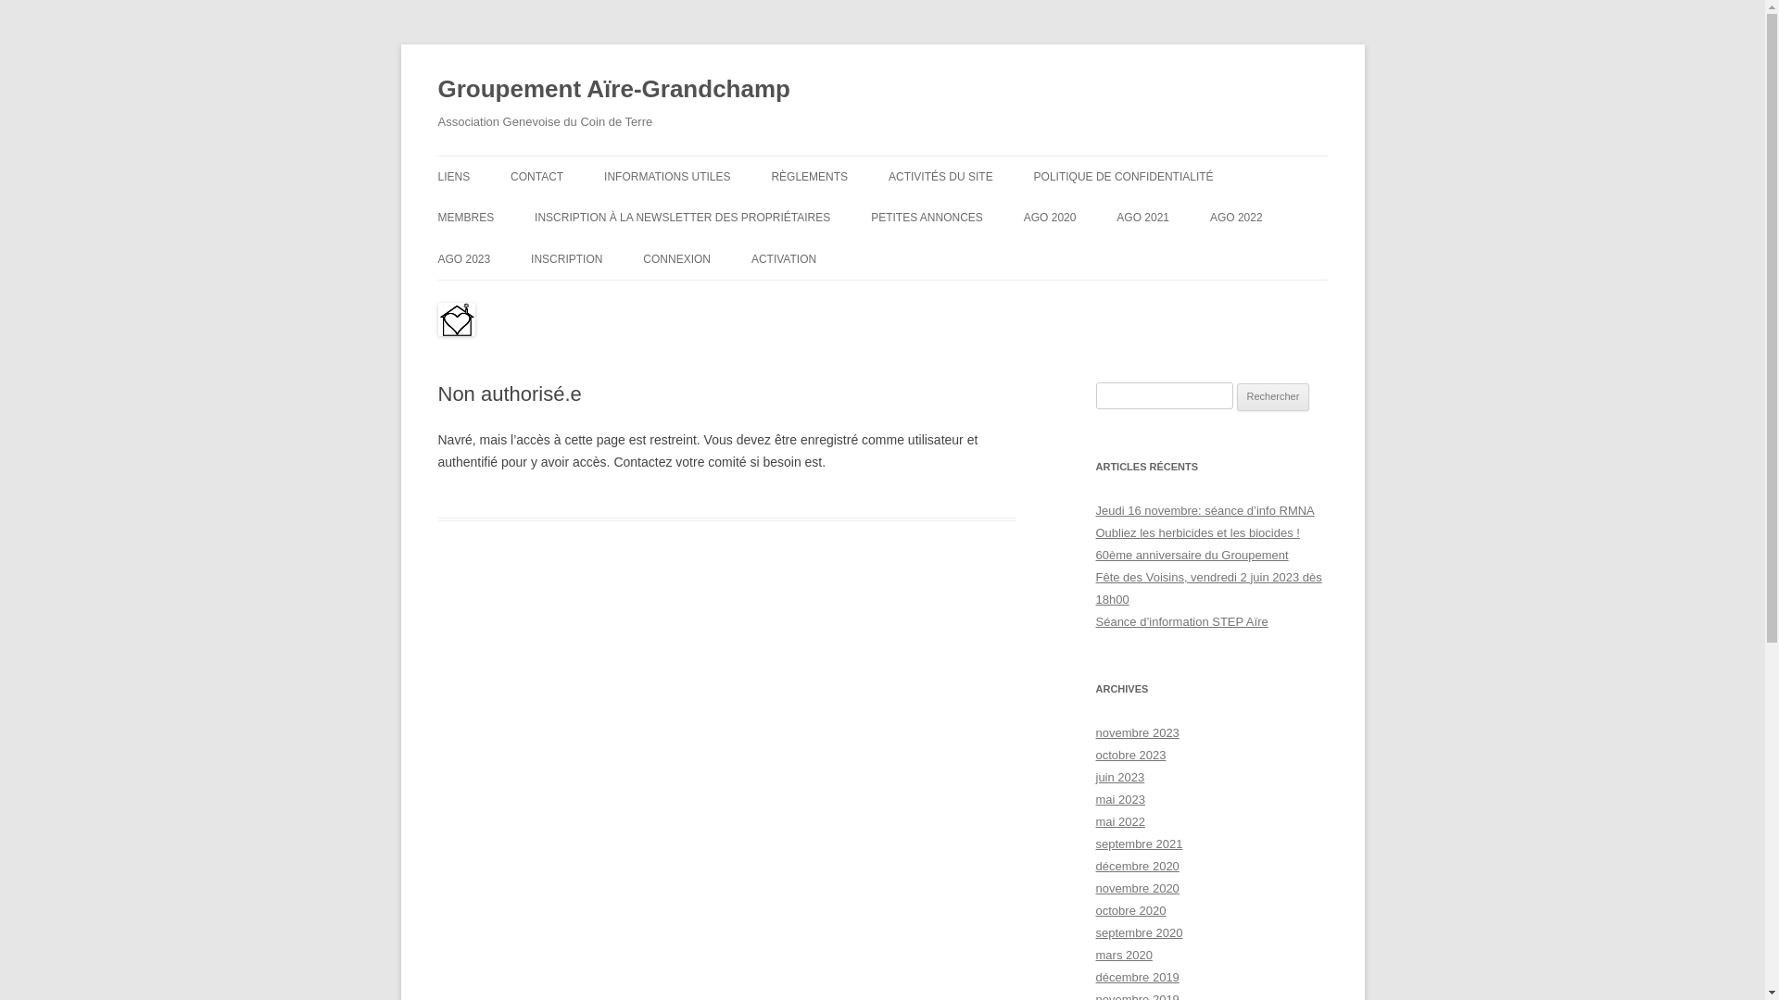 Image resolution: width=1779 pixels, height=1000 pixels. I want to click on 'septembre 2021', so click(1094, 844).